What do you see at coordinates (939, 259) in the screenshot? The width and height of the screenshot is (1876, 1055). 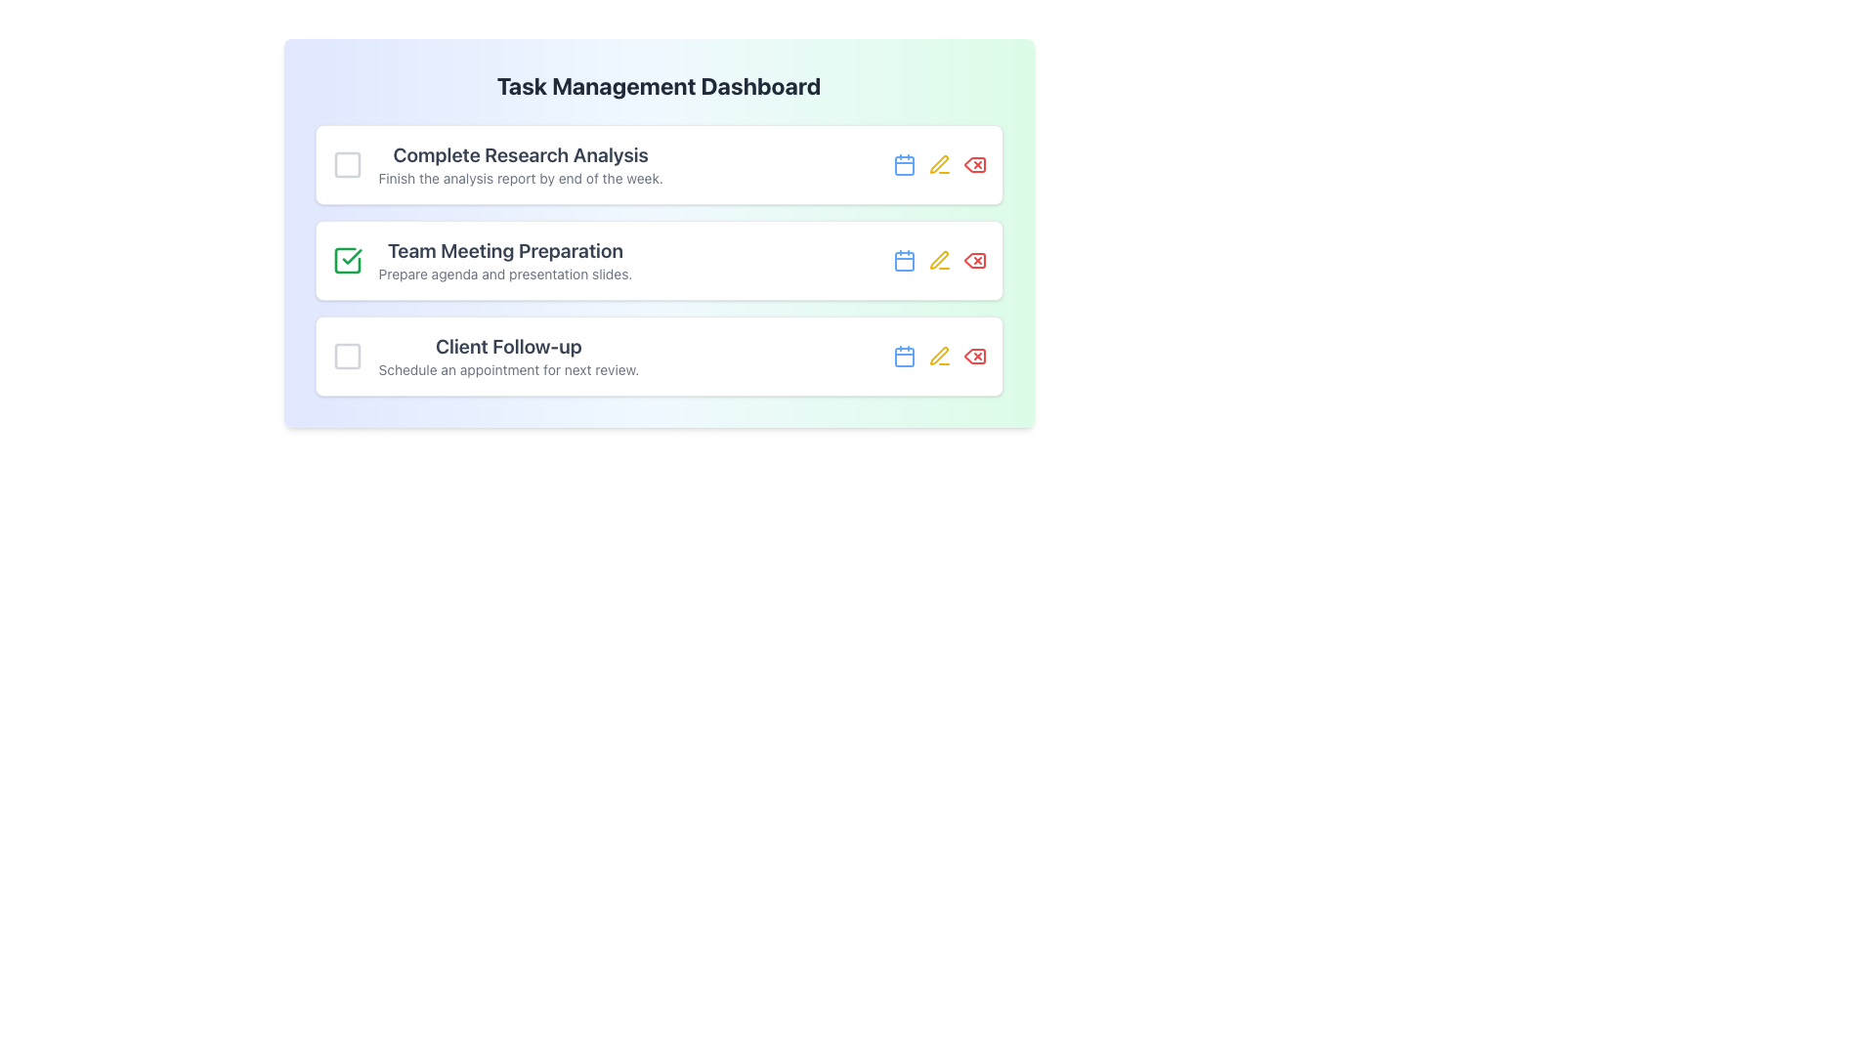 I see `the edit/pencil icon located in the action section of the second task item` at bounding box center [939, 259].